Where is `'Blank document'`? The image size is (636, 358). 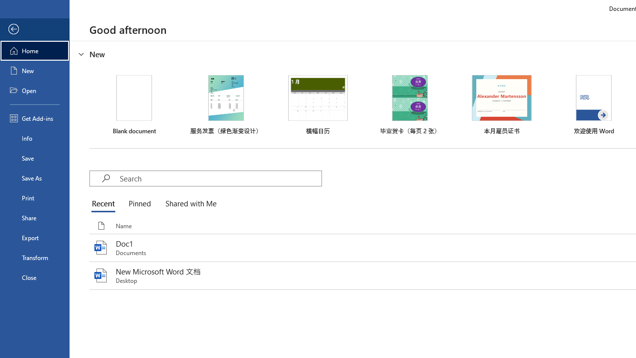 'Blank document' is located at coordinates (134, 105).